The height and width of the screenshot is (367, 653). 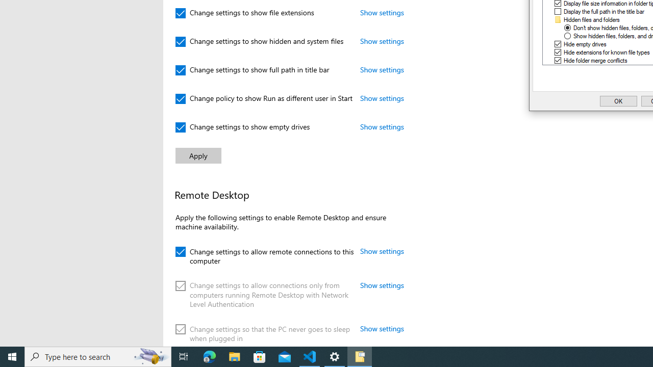 What do you see at coordinates (260, 356) in the screenshot?
I see `'Microsoft Store'` at bounding box center [260, 356].